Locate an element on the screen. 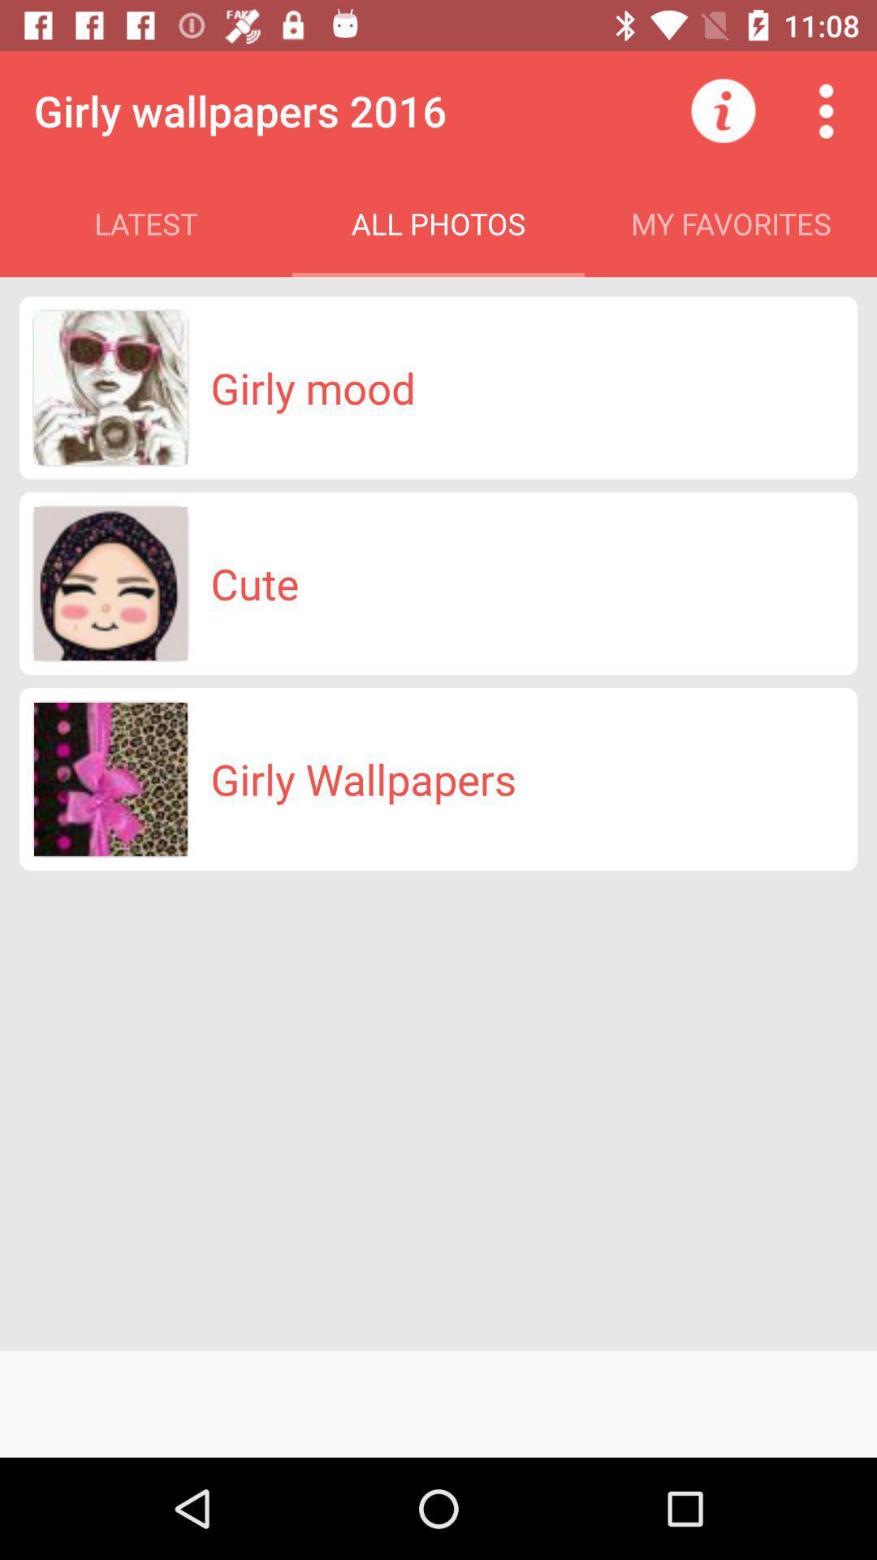  the item to the right of the all photos app is located at coordinates (723, 110).